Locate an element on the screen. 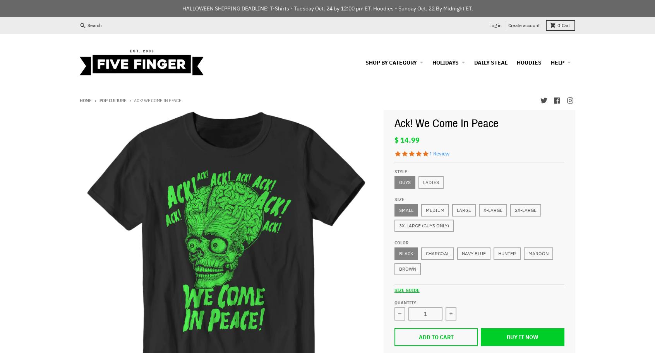  'Ladies' is located at coordinates (430, 181).